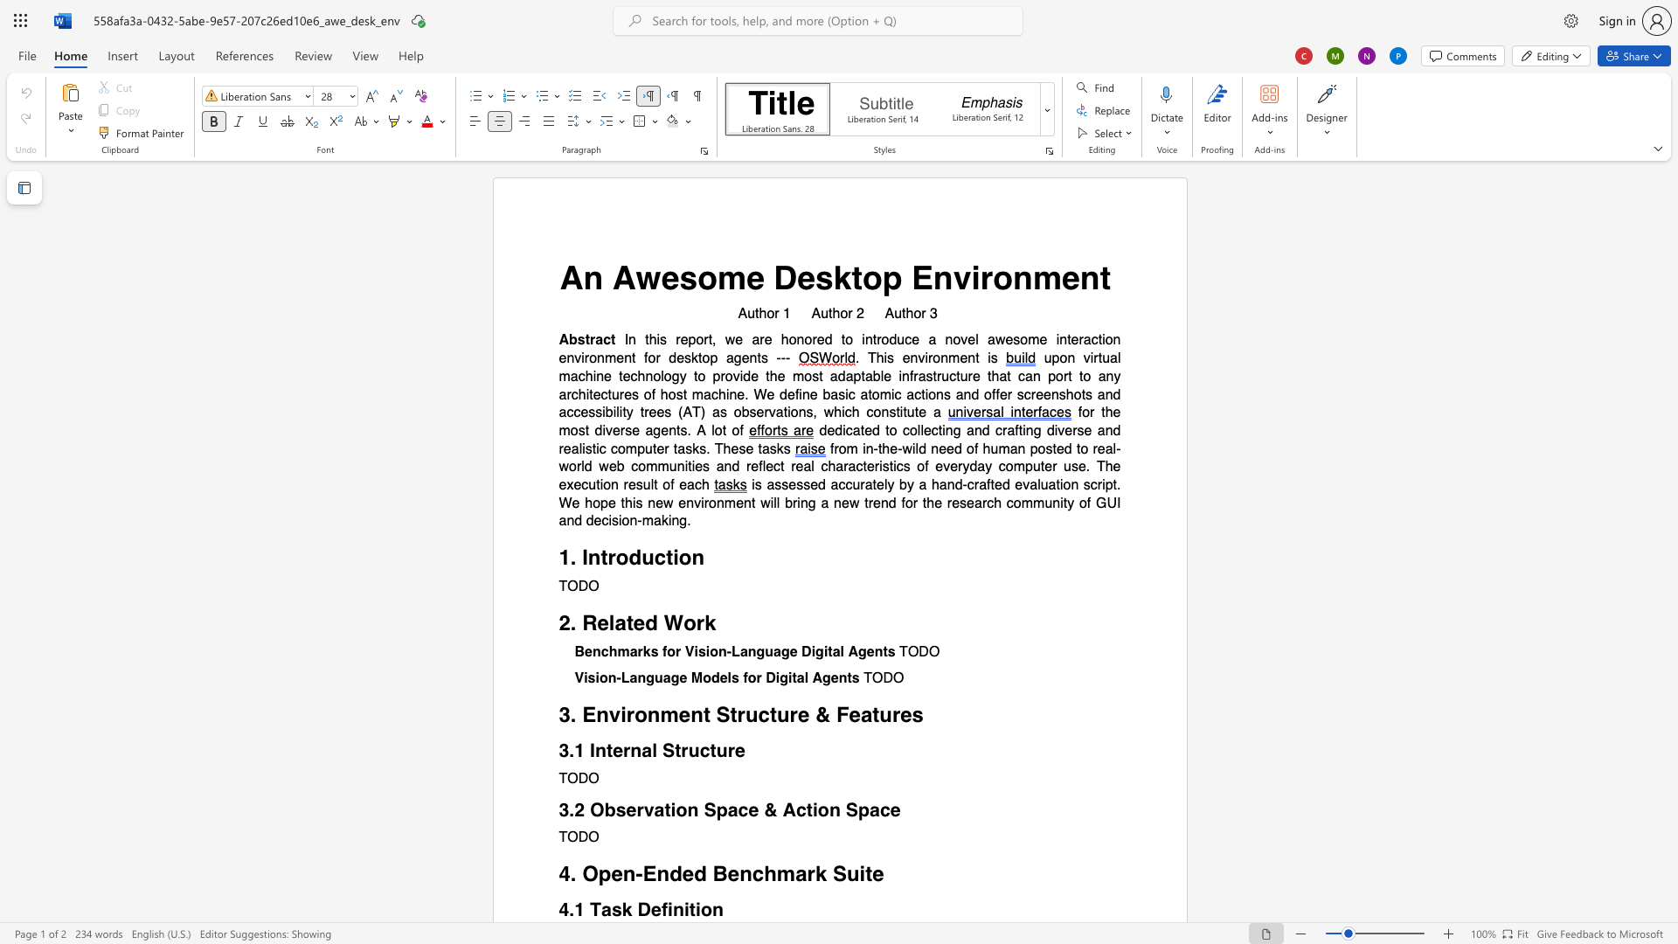  Describe the element at coordinates (688, 908) in the screenshot. I see `the subset text "ti" within the text "4.1 Task Definition"` at that location.